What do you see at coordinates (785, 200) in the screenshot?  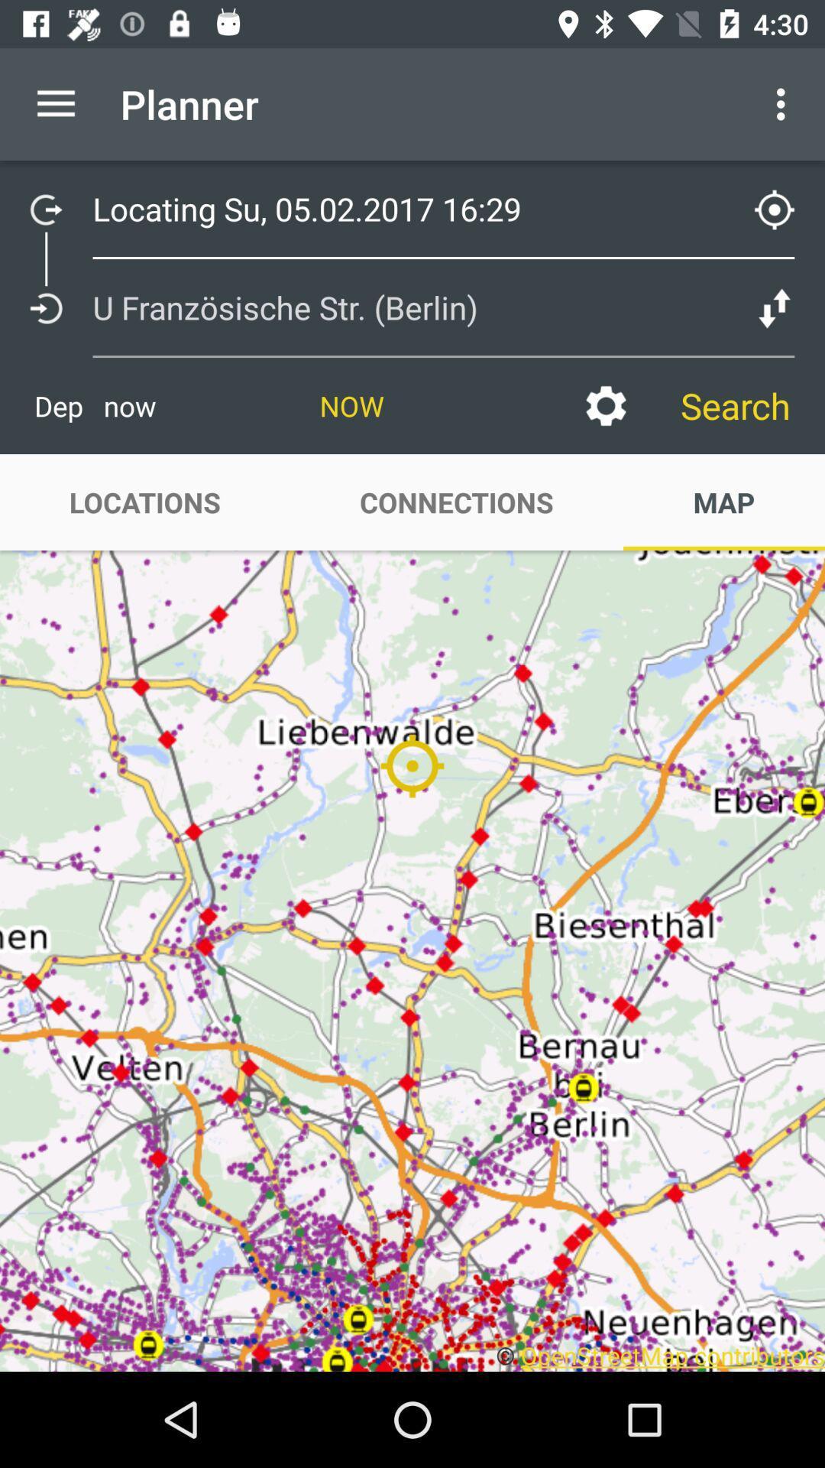 I see `the location_crosshair icon` at bounding box center [785, 200].